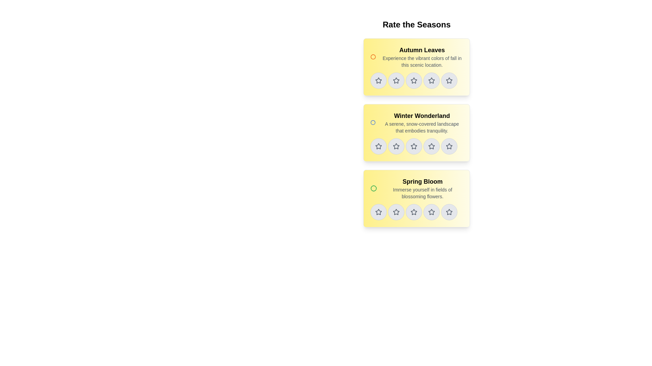  Describe the element at coordinates (416, 133) in the screenshot. I see `the seasonal theme information card, which is the second card in a vertical stack of three` at that location.